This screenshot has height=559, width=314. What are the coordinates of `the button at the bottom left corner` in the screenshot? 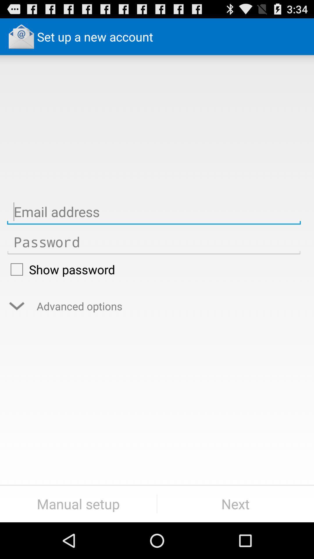 It's located at (78, 504).